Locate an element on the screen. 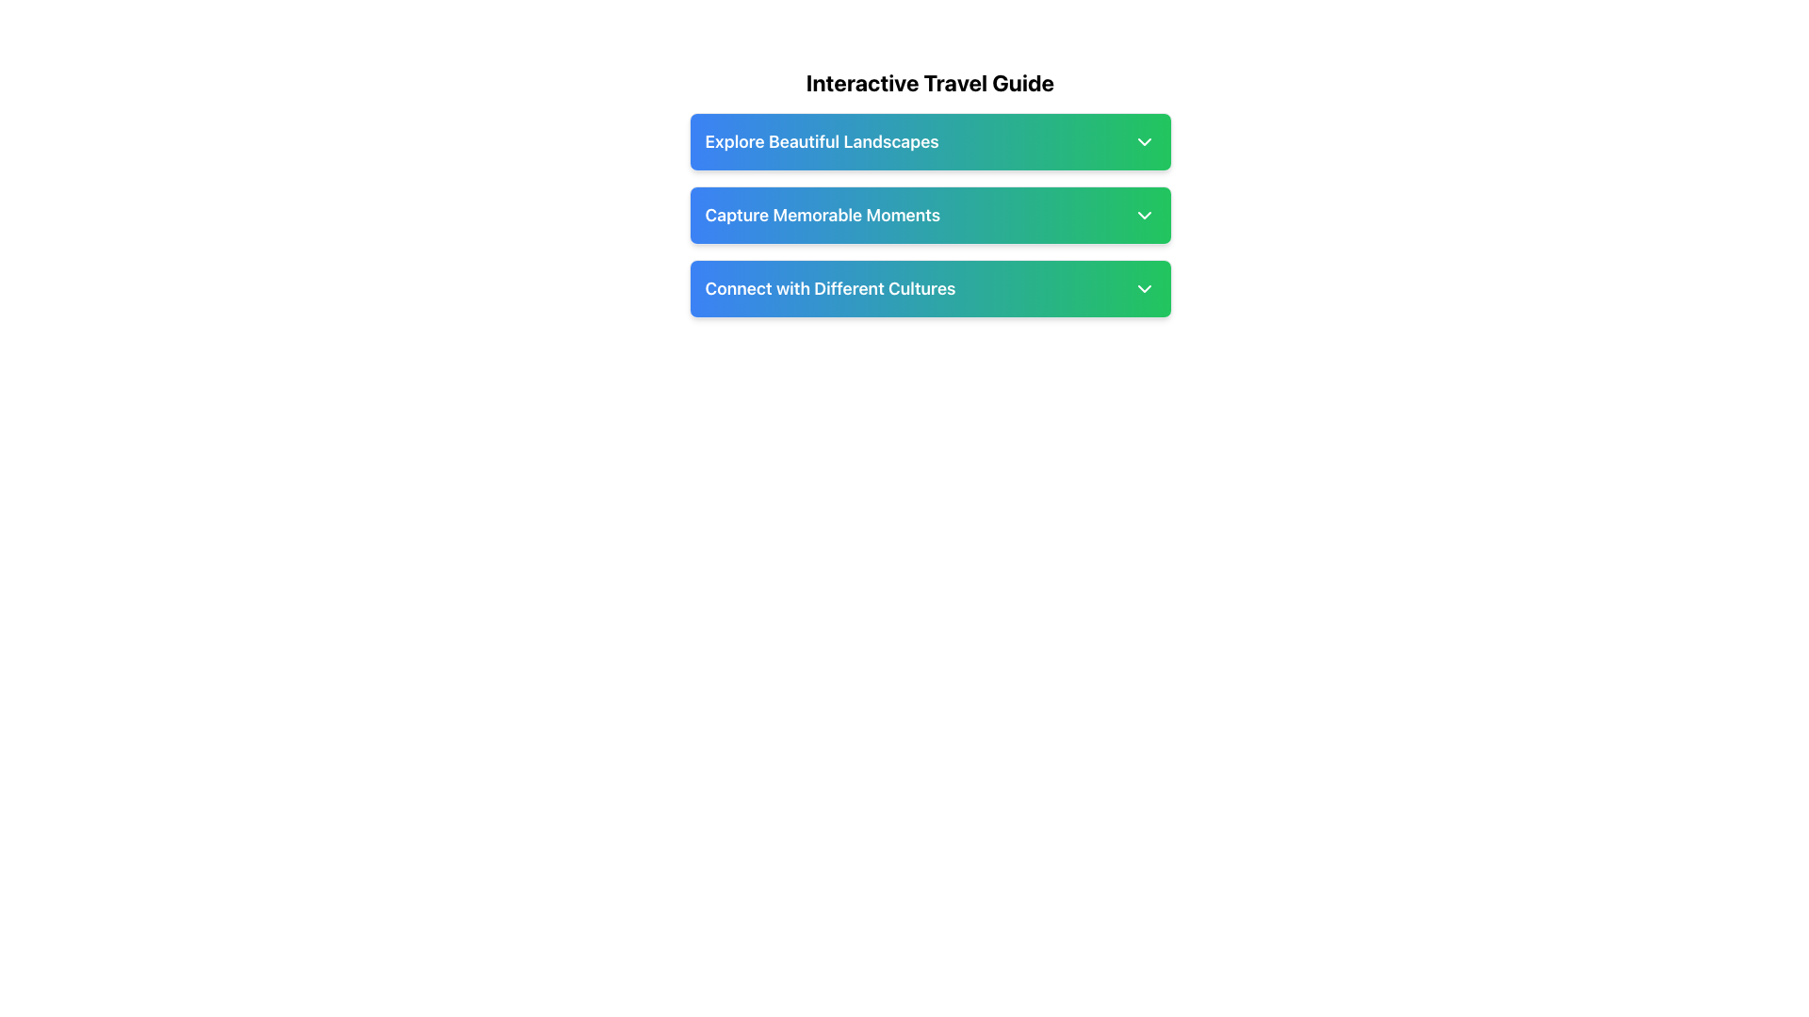 The height and width of the screenshot is (1017, 1809). the text label that reads 'Connect with Different Cultures' is located at coordinates (829, 289).